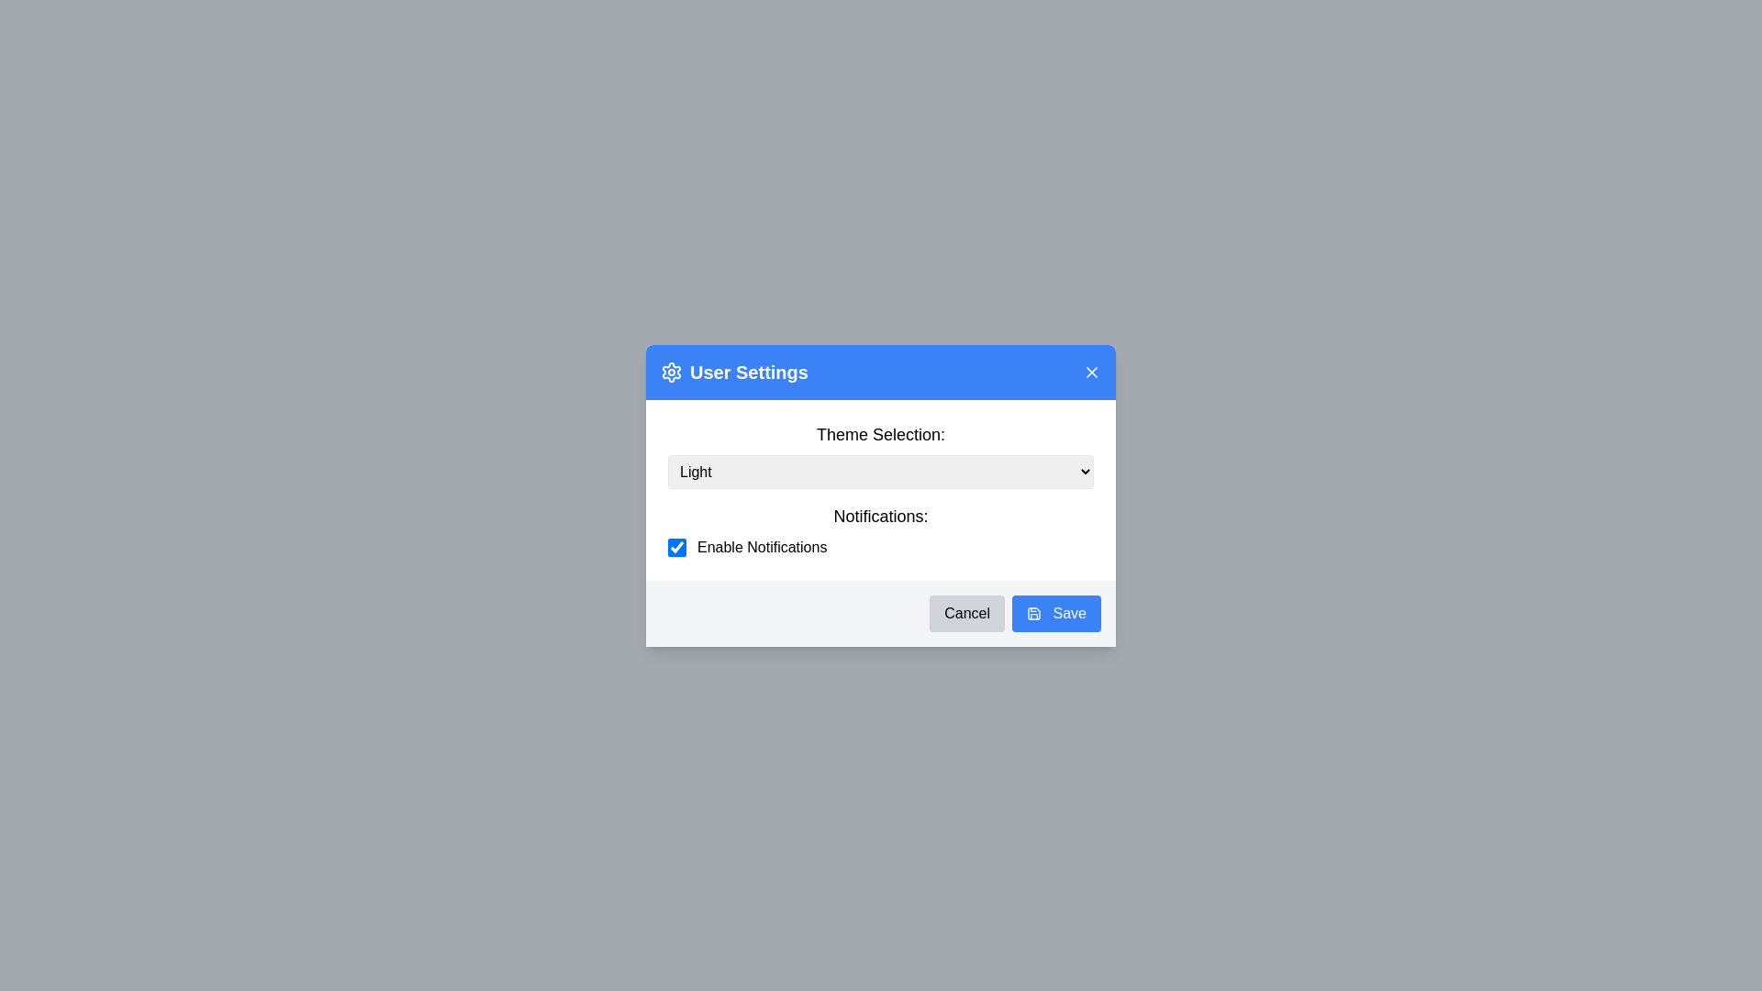  I want to click on the floppy disk icon located inside the 'Save' button, which has a blue background and white text, positioned at the bottom-right of the modal dialog, so click(1034, 614).